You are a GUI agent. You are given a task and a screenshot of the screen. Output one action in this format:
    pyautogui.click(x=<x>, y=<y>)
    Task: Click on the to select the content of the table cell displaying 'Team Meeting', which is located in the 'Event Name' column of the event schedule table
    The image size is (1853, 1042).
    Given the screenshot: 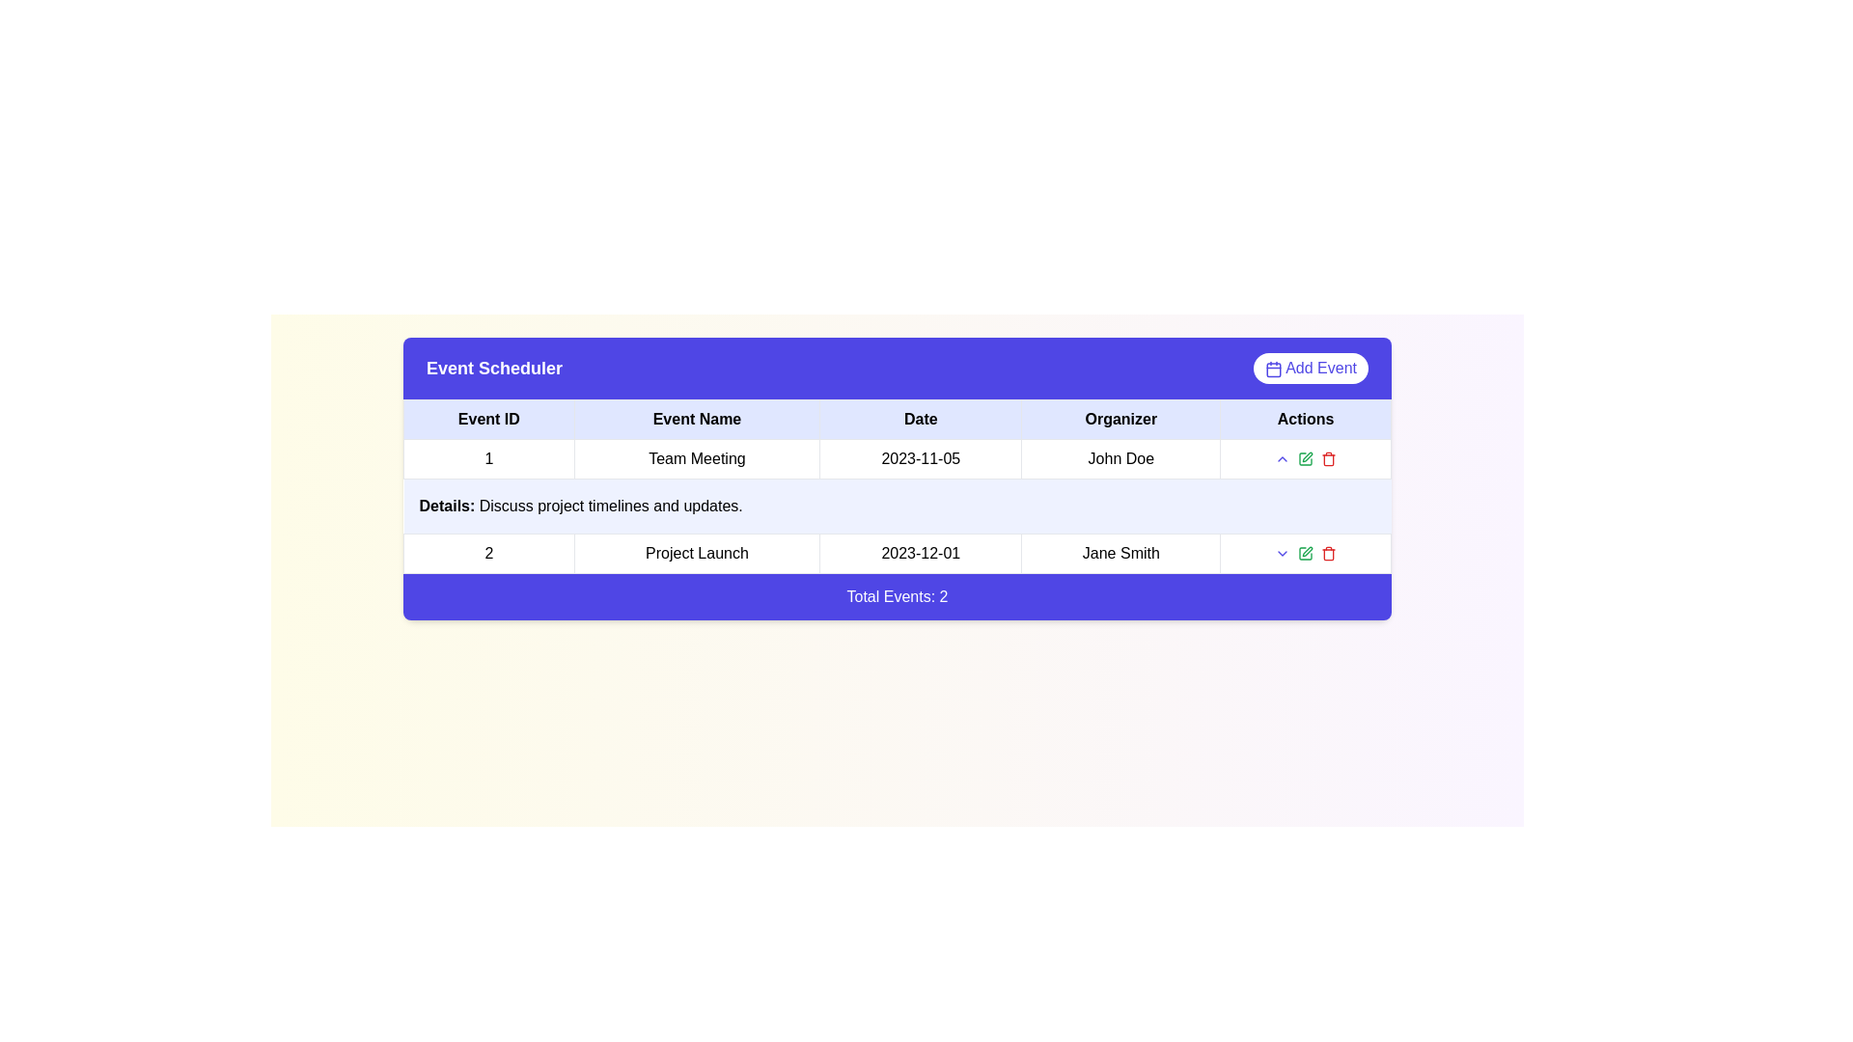 What is the action you would take?
    pyautogui.click(x=696, y=458)
    